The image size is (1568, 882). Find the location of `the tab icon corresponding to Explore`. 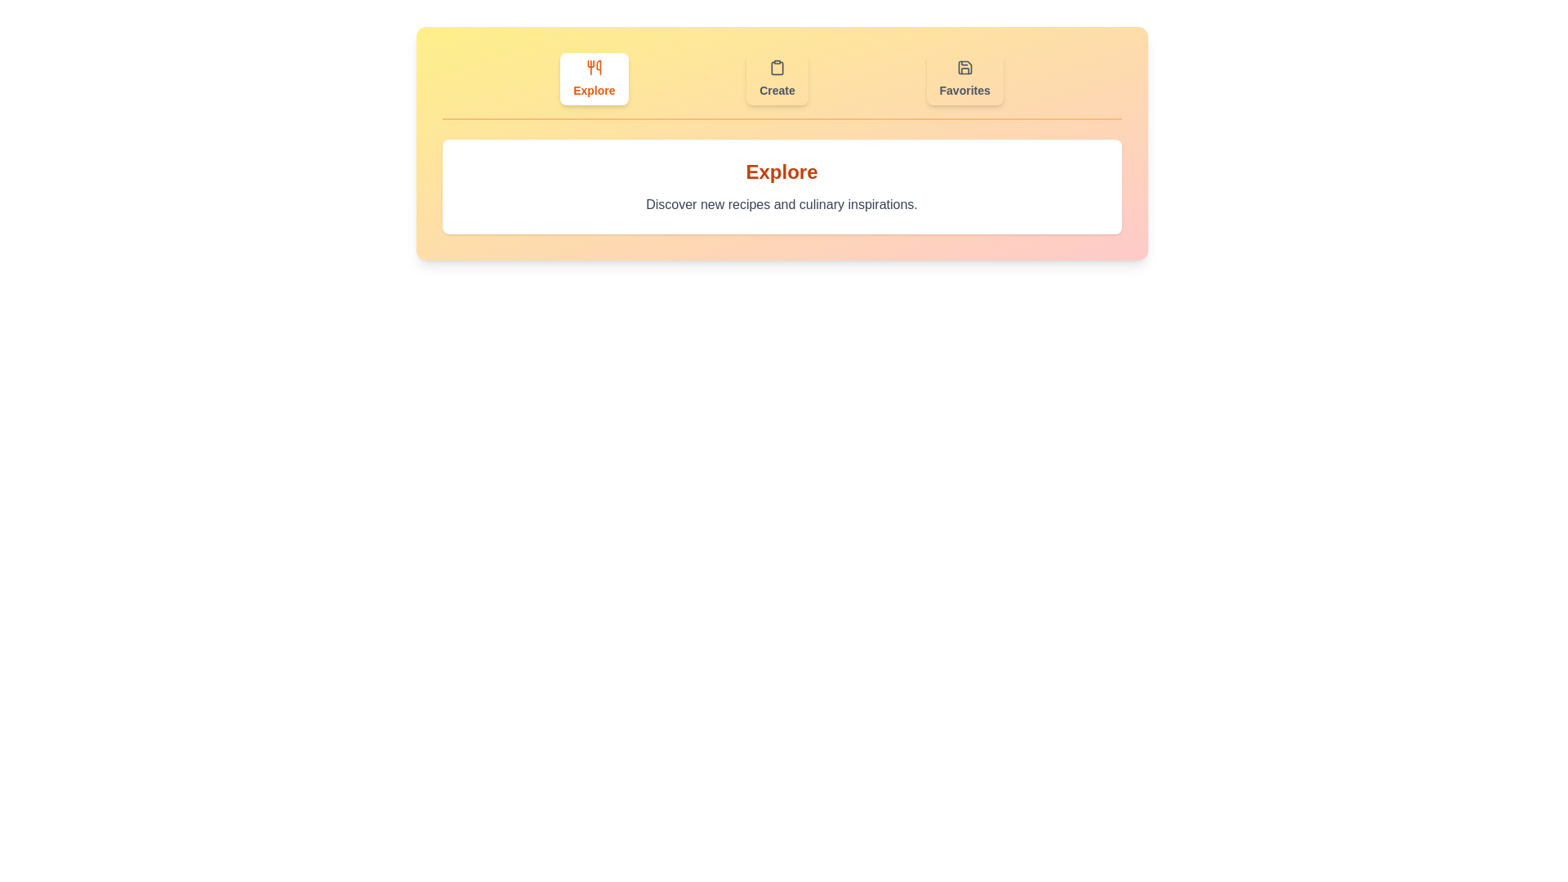

the tab icon corresponding to Explore is located at coordinates (593, 78).